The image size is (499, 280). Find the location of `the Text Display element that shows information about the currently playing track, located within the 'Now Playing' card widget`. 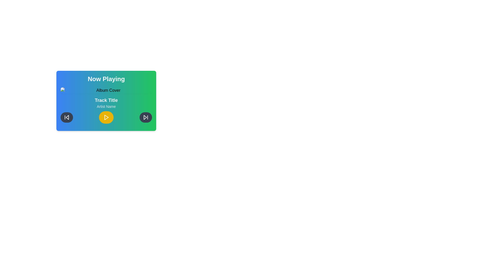

the Text Display element that shows information about the currently playing track, located within the 'Now Playing' card widget is located at coordinates (106, 103).